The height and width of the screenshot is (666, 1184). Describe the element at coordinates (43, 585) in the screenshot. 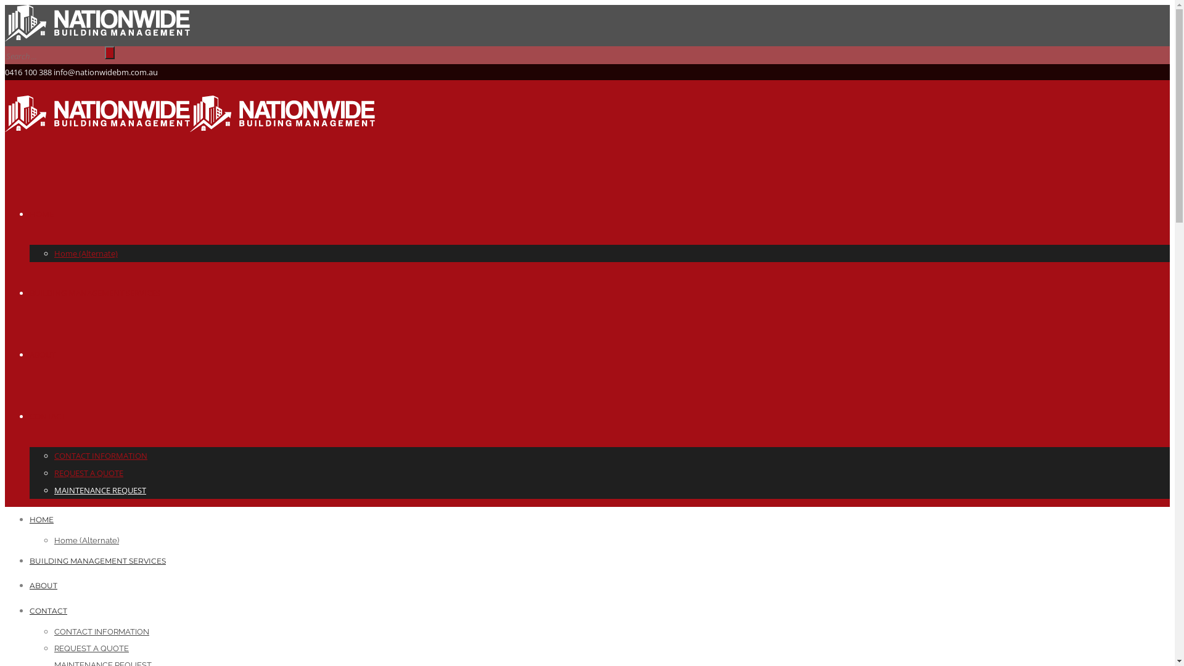

I see `'ABOUT'` at that location.